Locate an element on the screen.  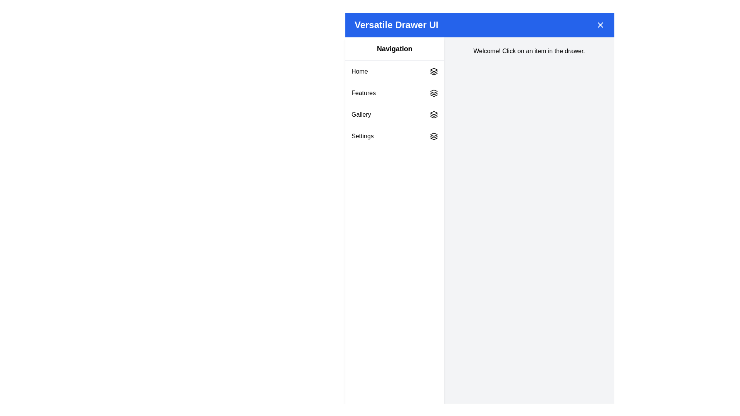
the 'Settings' menu item, which is the last item in the vertical navigation menu is located at coordinates (394, 136).